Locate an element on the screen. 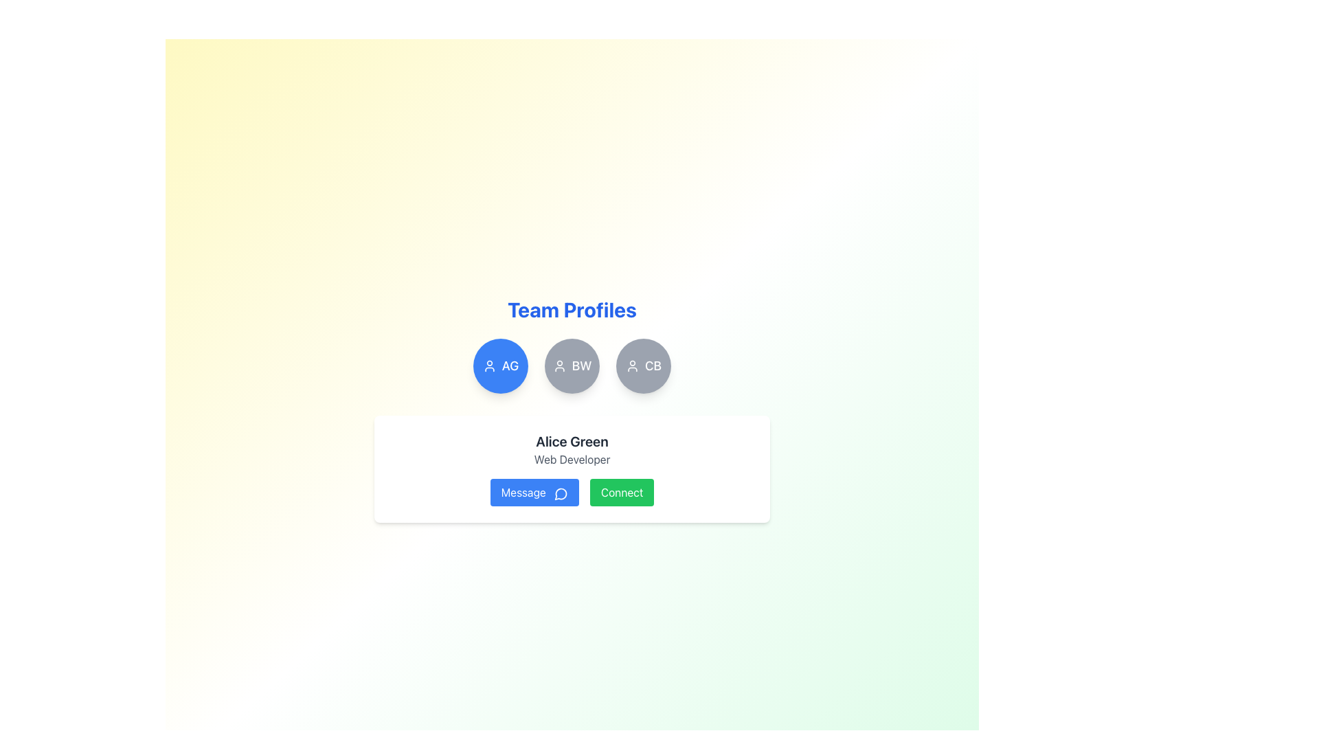 Image resolution: width=1319 pixels, height=742 pixels. the static text label displaying the name 'Alice Green', which is located at the top center of the profile card above the job title 'Web Developer' is located at coordinates (572, 442).